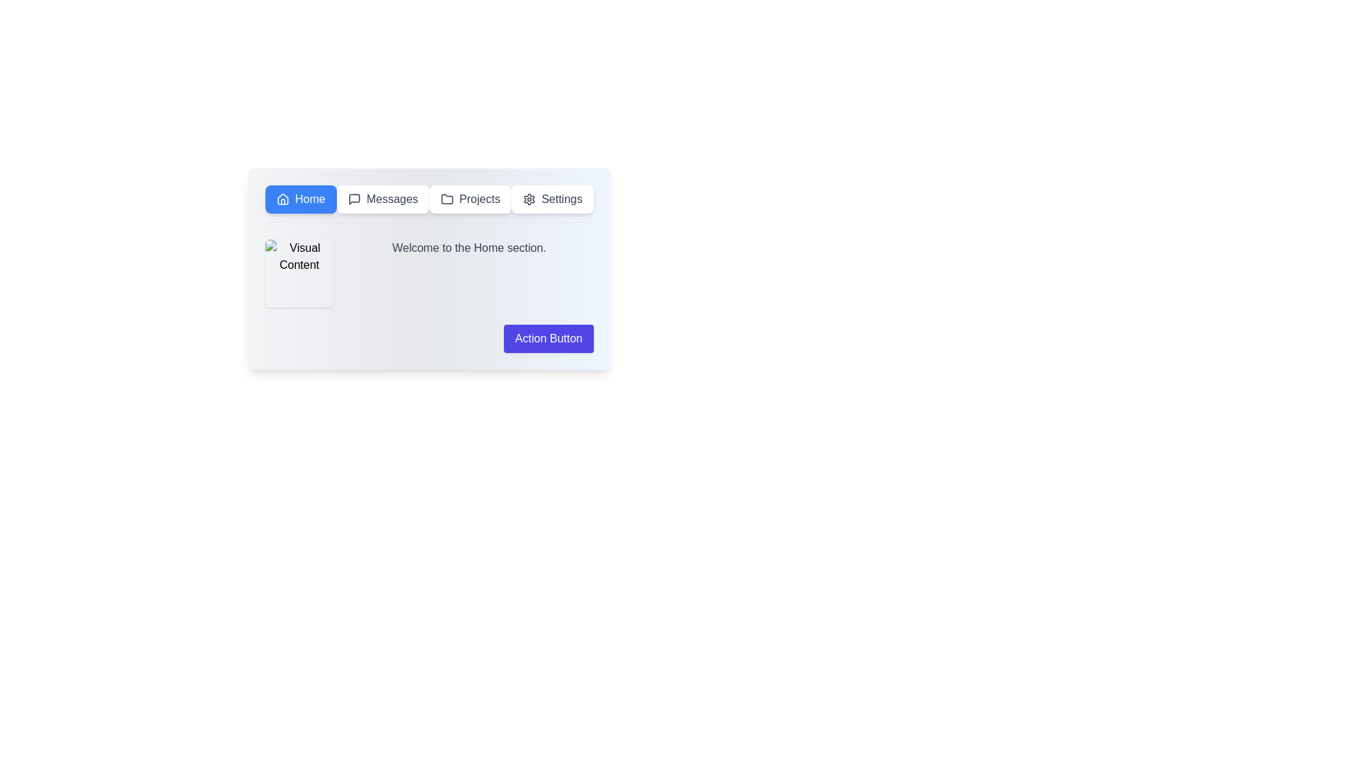 Image resolution: width=1359 pixels, height=764 pixels. What do you see at coordinates (383, 199) in the screenshot?
I see `the navigation button that leads to the messages section, located between the 'Home' and 'Projects' buttons in the horizontal navigation bar` at bounding box center [383, 199].